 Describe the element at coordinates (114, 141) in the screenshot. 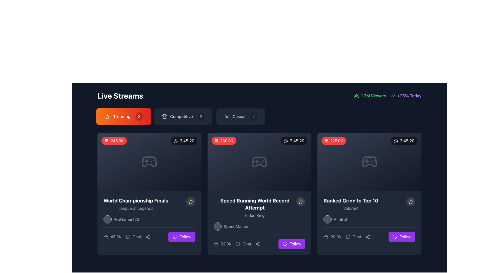

I see `the viewer count indicator label located in the 'Trending' section, positioned at the top-left corner of a card-like layout` at that location.